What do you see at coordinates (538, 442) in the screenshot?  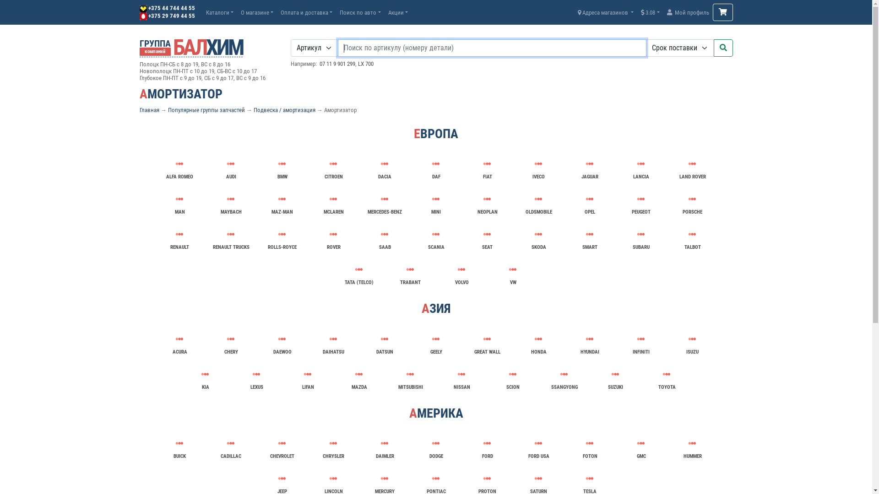 I see `'FORD USA'` at bounding box center [538, 442].